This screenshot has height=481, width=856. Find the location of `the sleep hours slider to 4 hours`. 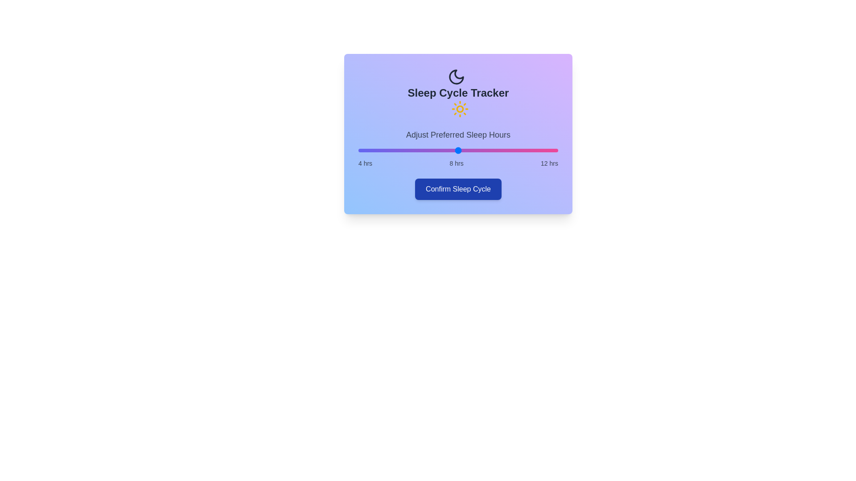

the sleep hours slider to 4 hours is located at coordinates (358, 150).